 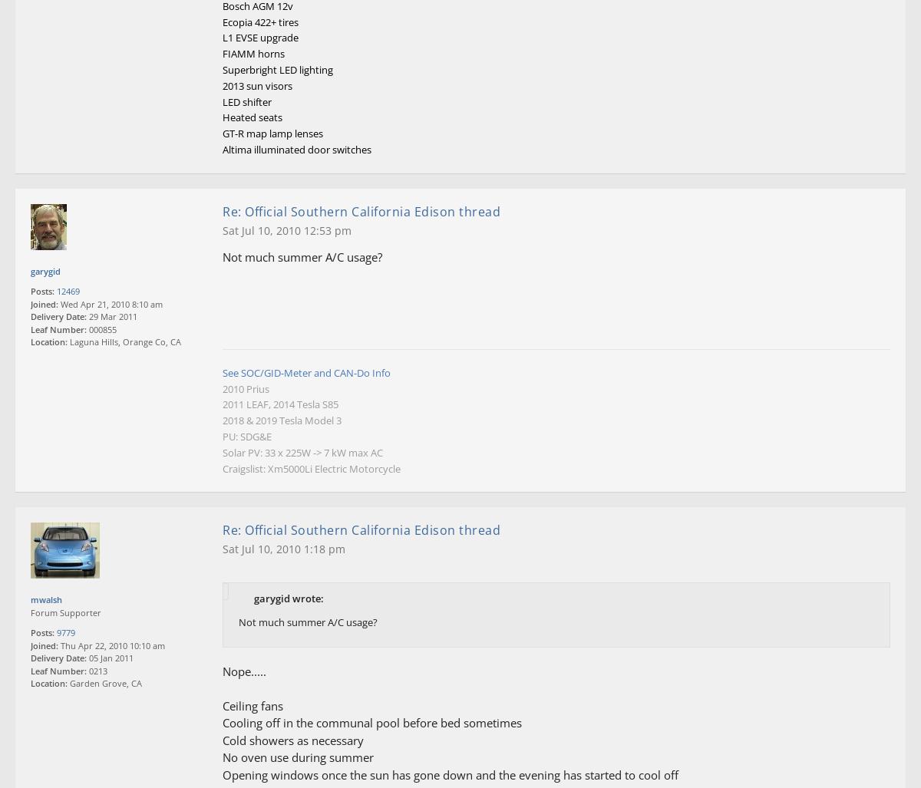 I want to click on 'garygid wrote:', so click(x=289, y=598).